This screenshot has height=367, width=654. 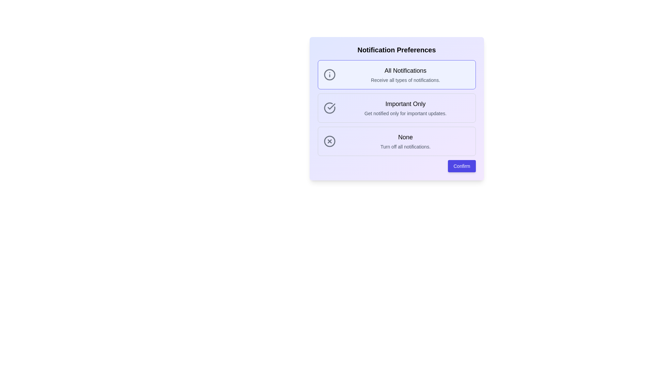 I want to click on the confirmation button located at the bottom right corner of the 'Notification Preferences' modal to confirm the selection, so click(x=462, y=166).